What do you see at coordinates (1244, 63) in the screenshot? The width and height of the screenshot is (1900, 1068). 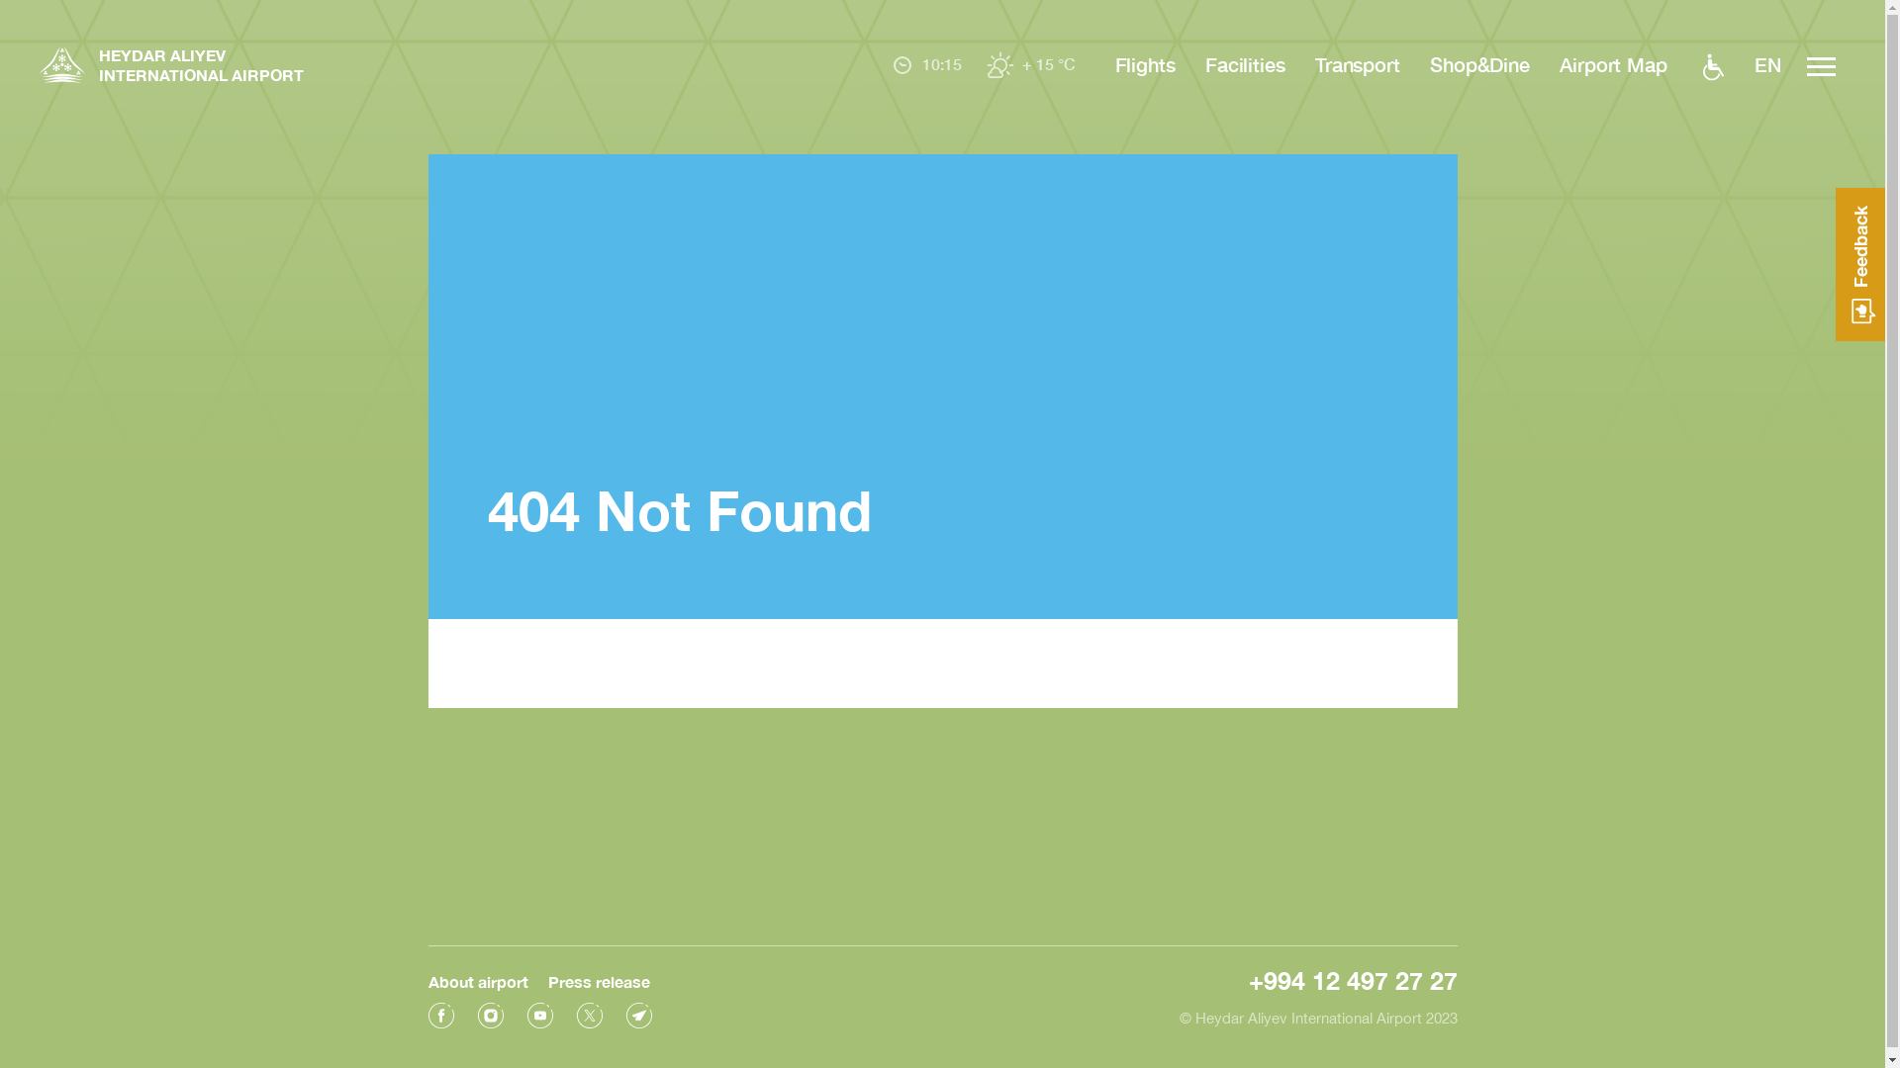 I see `'Facilities'` at bounding box center [1244, 63].